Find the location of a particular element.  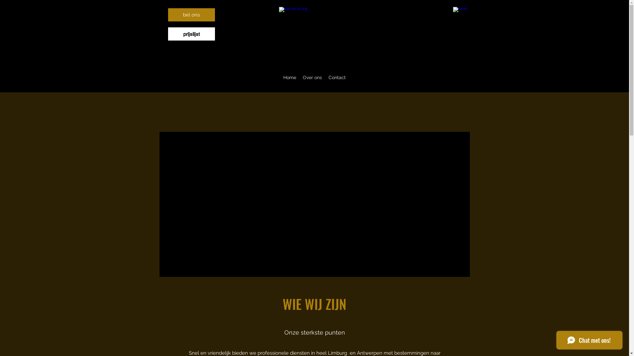

'bel ons' is located at coordinates (191, 15).